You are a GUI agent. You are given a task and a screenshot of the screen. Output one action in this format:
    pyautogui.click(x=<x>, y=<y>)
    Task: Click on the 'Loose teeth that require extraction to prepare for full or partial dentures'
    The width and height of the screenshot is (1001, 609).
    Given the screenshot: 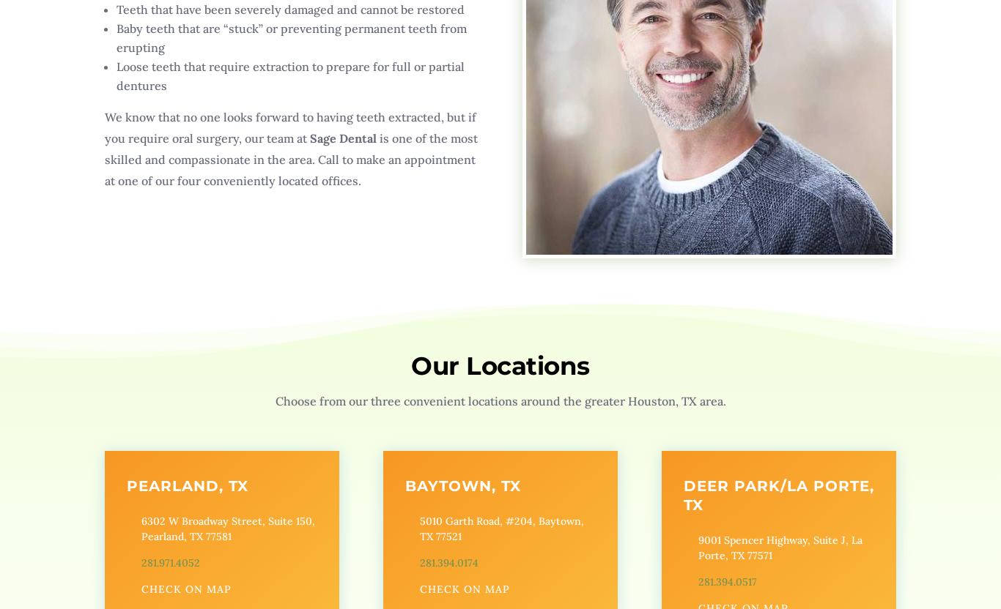 What is the action you would take?
    pyautogui.click(x=289, y=76)
    